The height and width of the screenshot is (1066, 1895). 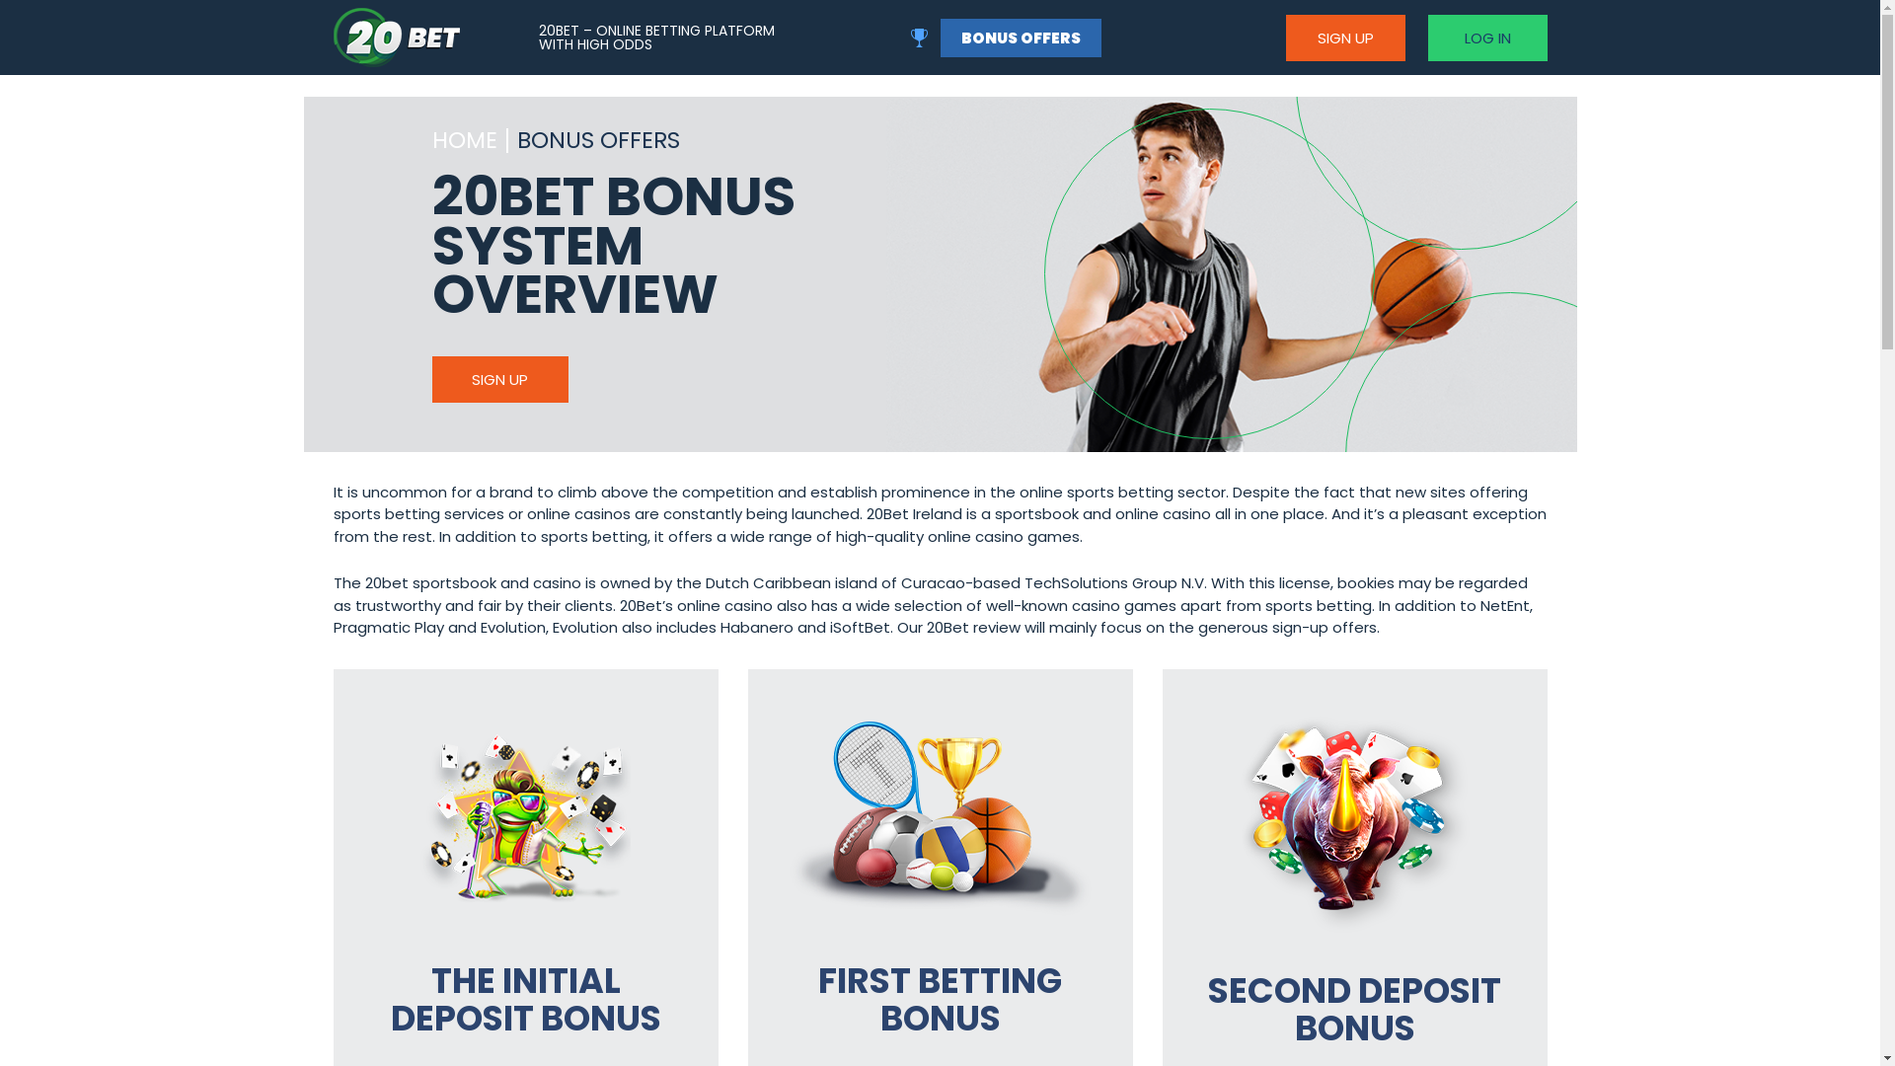 I want to click on 'HOME', so click(x=463, y=141).